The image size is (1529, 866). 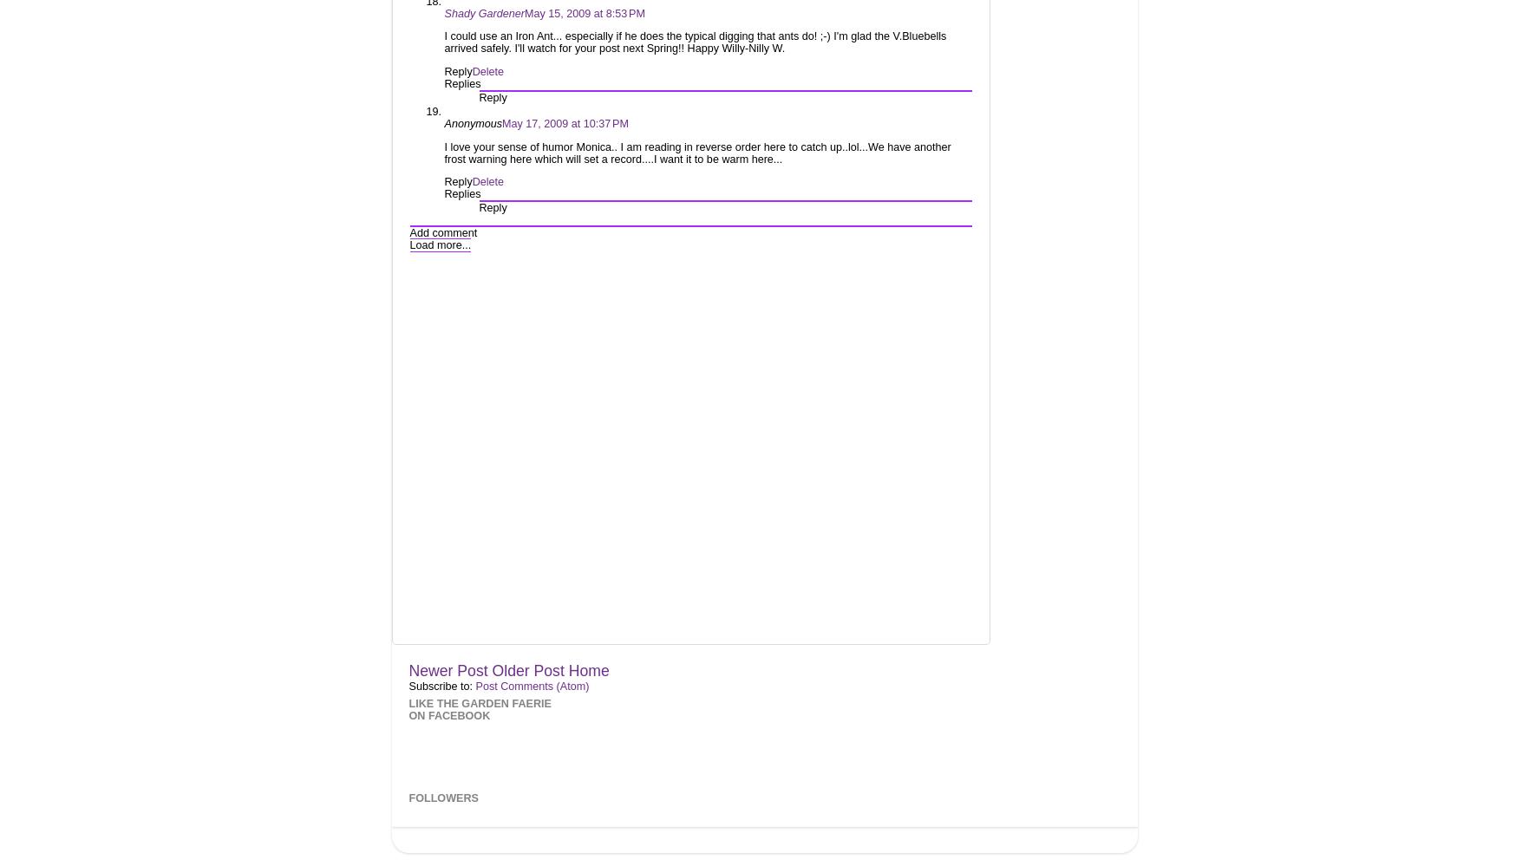 What do you see at coordinates (527, 670) in the screenshot?
I see `'Older Post'` at bounding box center [527, 670].